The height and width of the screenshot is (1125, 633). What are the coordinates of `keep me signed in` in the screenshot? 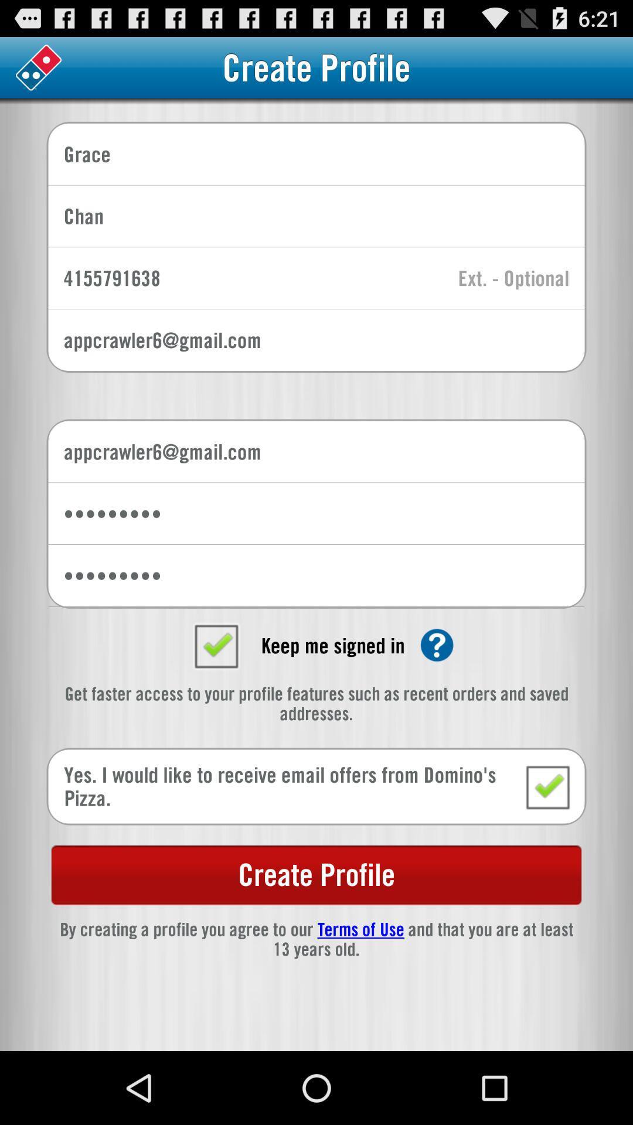 It's located at (216, 645).